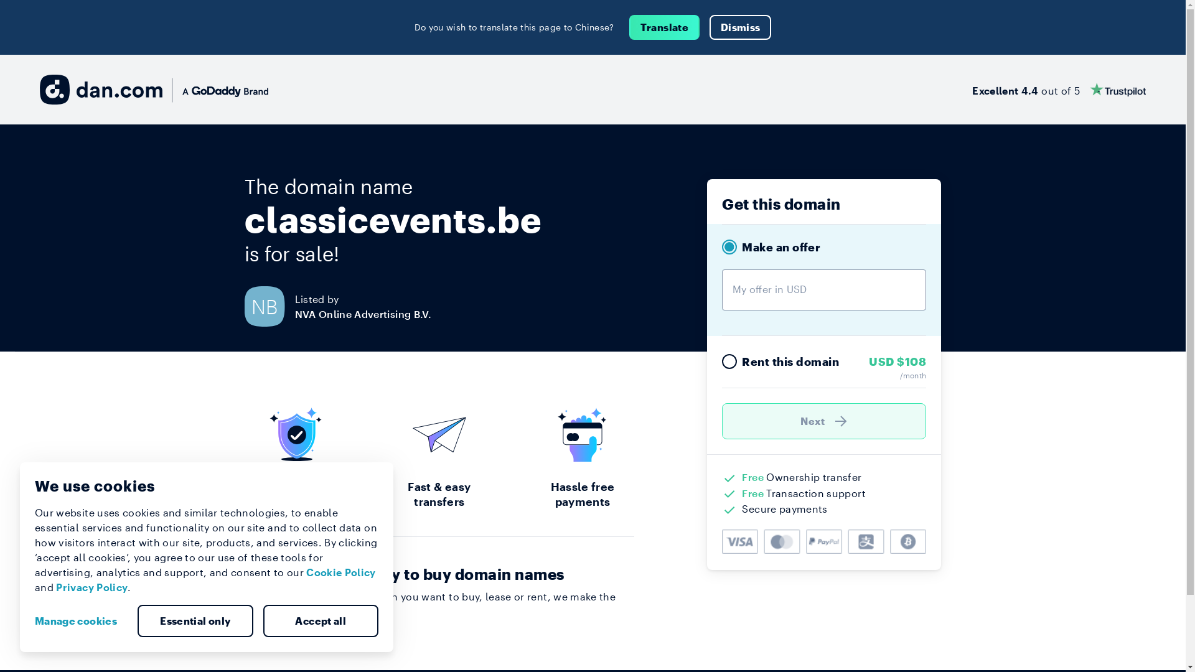 This screenshot has width=1195, height=672. Describe the element at coordinates (824, 421) in the screenshot. I see `'Next` at that location.